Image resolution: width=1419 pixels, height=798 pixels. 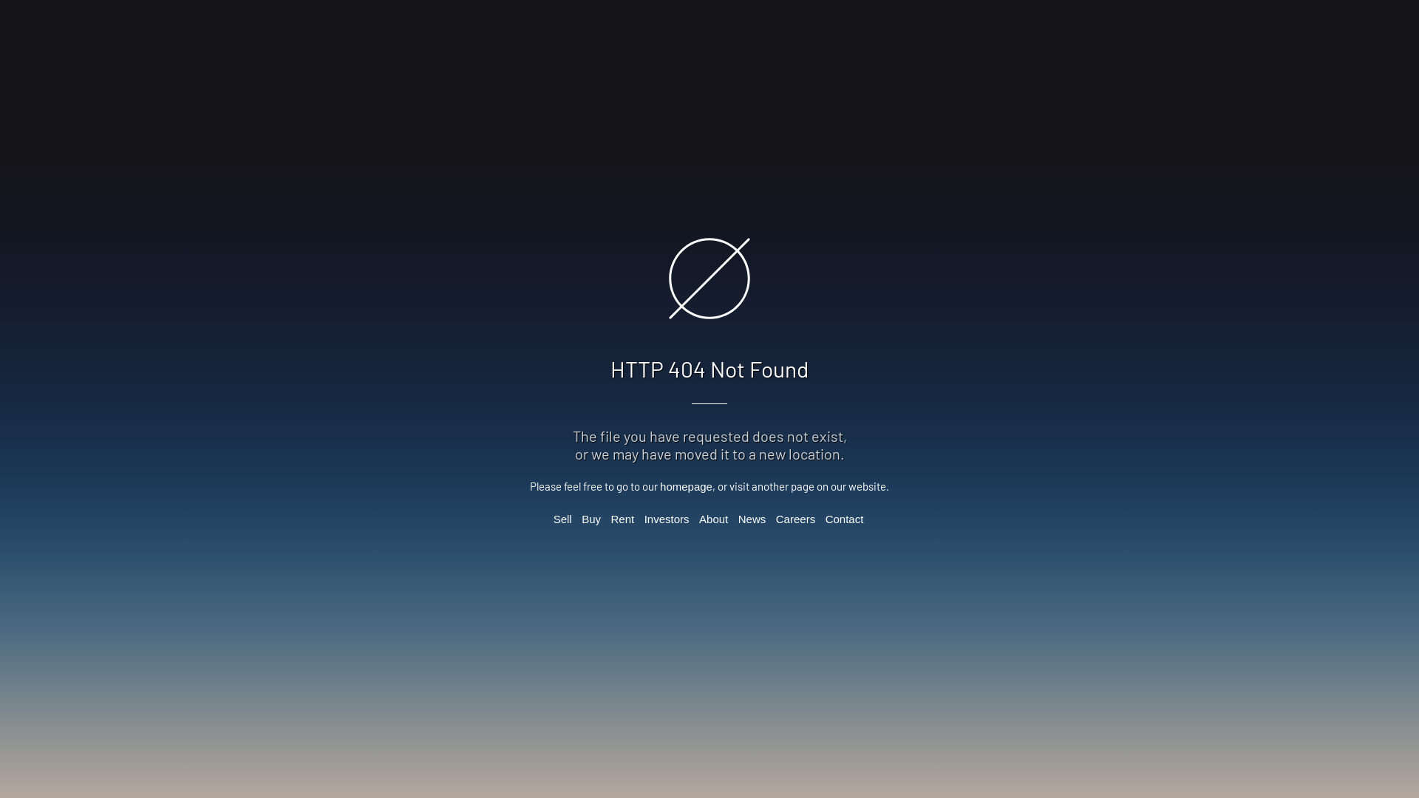 I want to click on 'Careers', so click(x=794, y=518).